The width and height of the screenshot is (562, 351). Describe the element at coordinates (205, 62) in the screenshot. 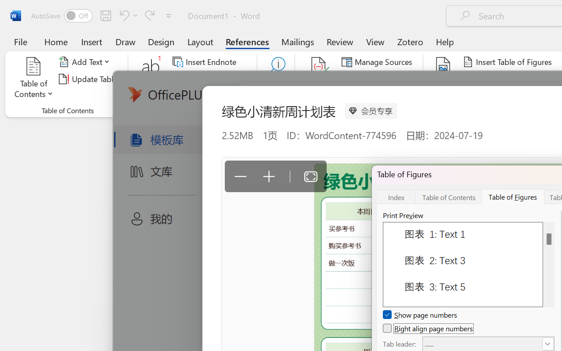

I see `'Insert Endnote'` at that location.